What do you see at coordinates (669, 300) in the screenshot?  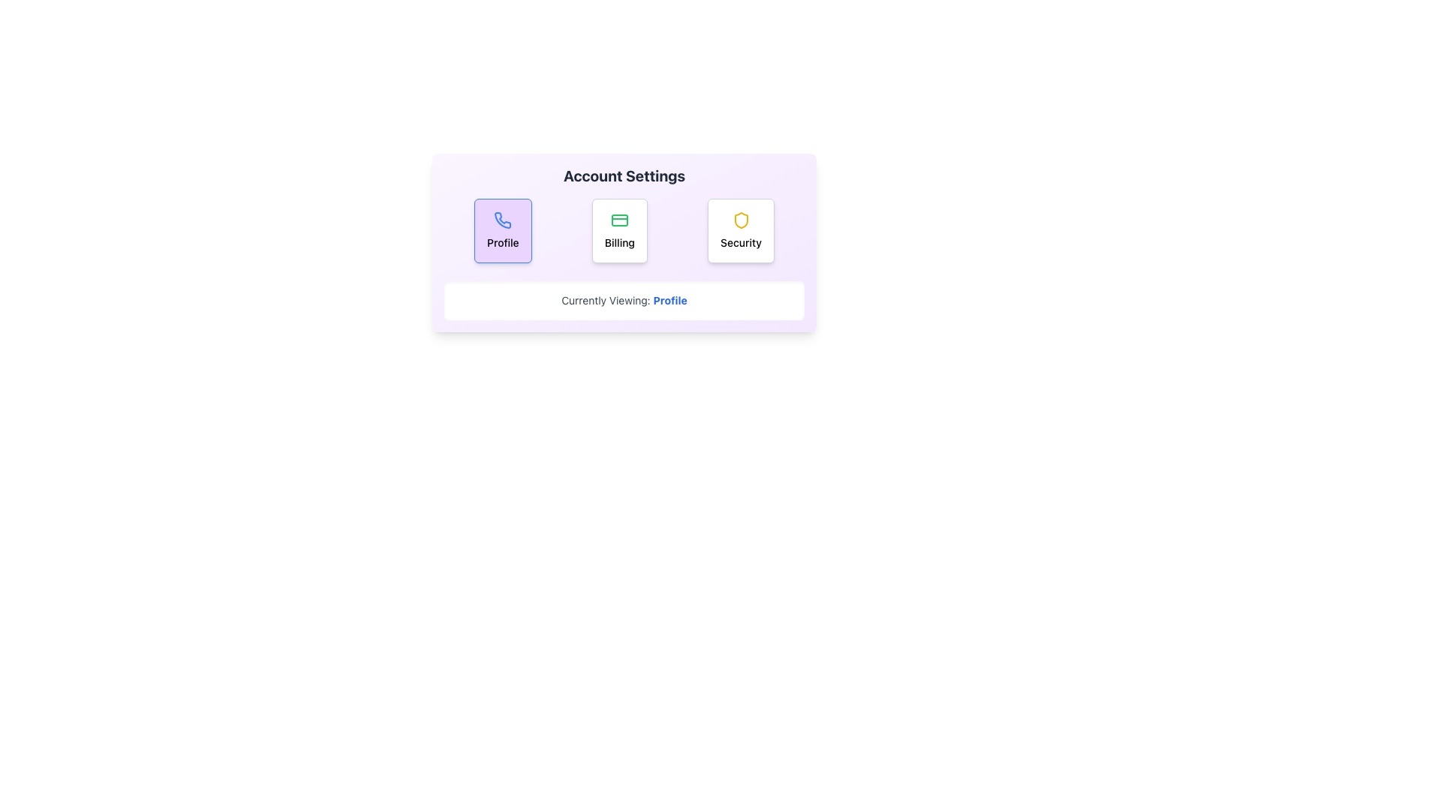 I see `static text label indicating the currently selected section, which displays 'Currently Viewing: Profile' in blue, located below the icons for 'Profile', 'Billing', and 'Security'` at bounding box center [669, 300].